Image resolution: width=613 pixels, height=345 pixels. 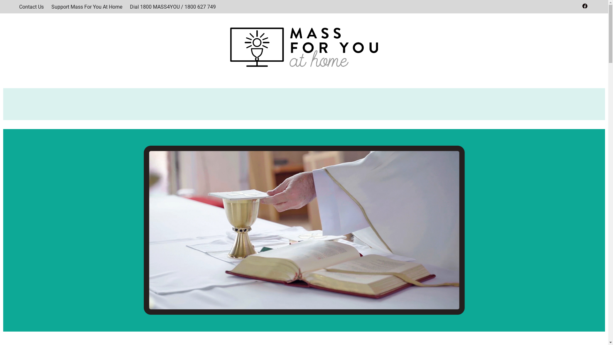 I want to click on 'Support Mass For You At Home', so click(x=87, y=7).